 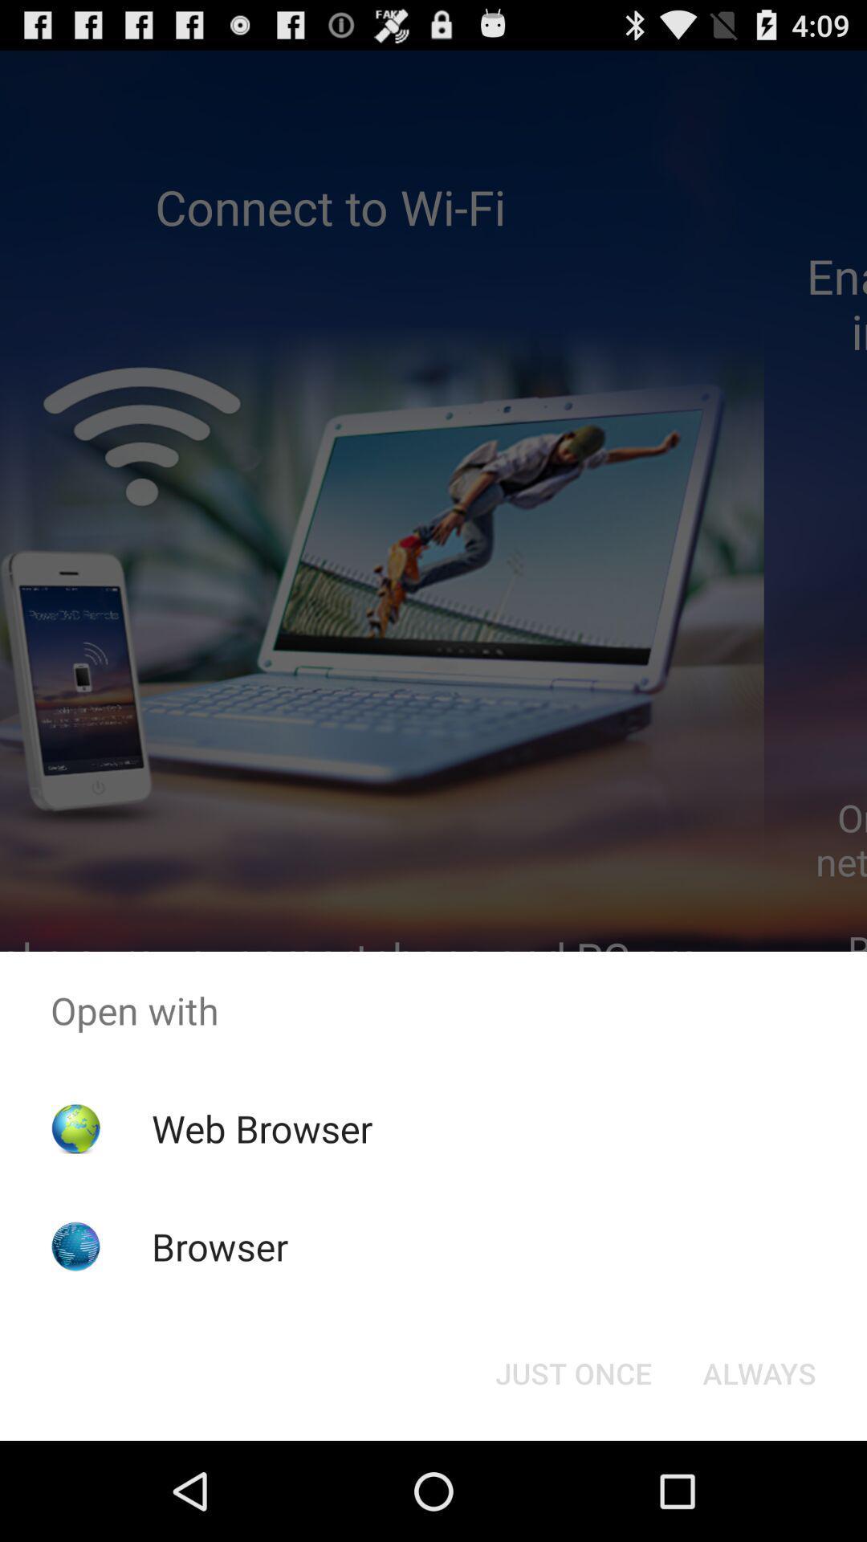 What do you see at coordinates (759, 1372) in the screenshot?
I see `the button to the right of the just once item` at bounding box center [759, 1372].